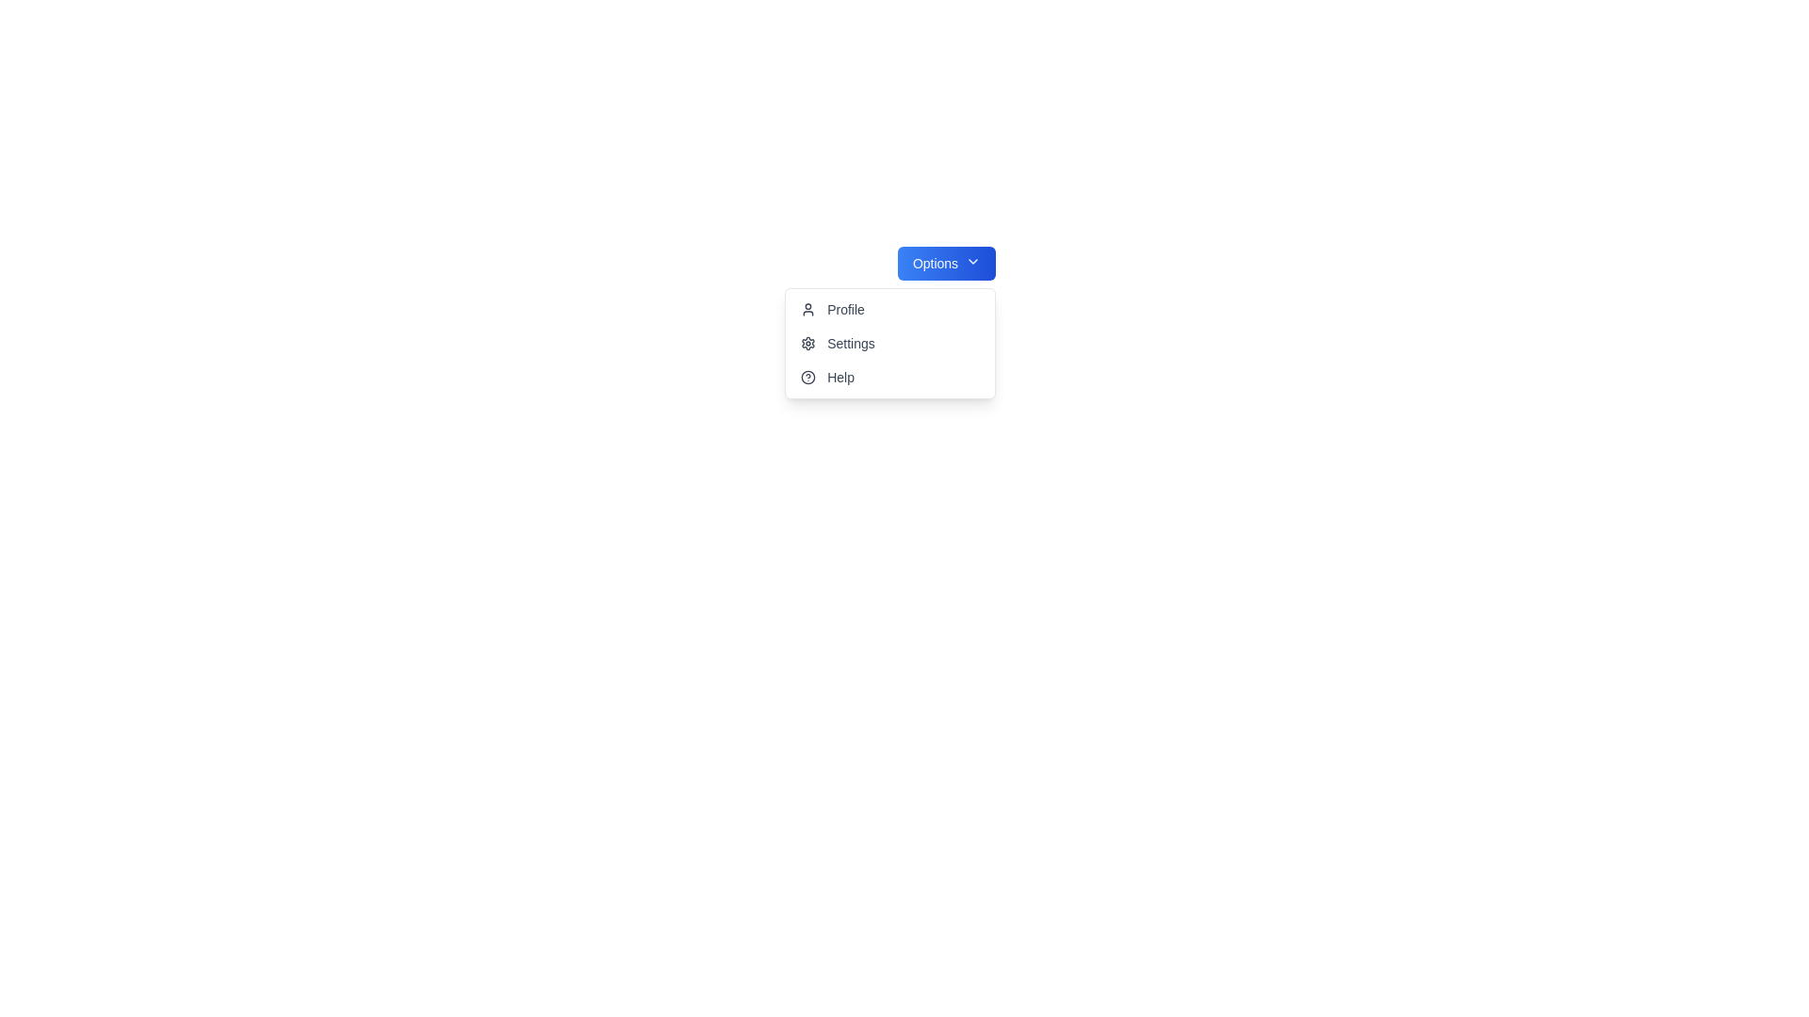 This screenshot has width=1809, height=1017. I want to click on the 'Profile' button, so click(889, 308).